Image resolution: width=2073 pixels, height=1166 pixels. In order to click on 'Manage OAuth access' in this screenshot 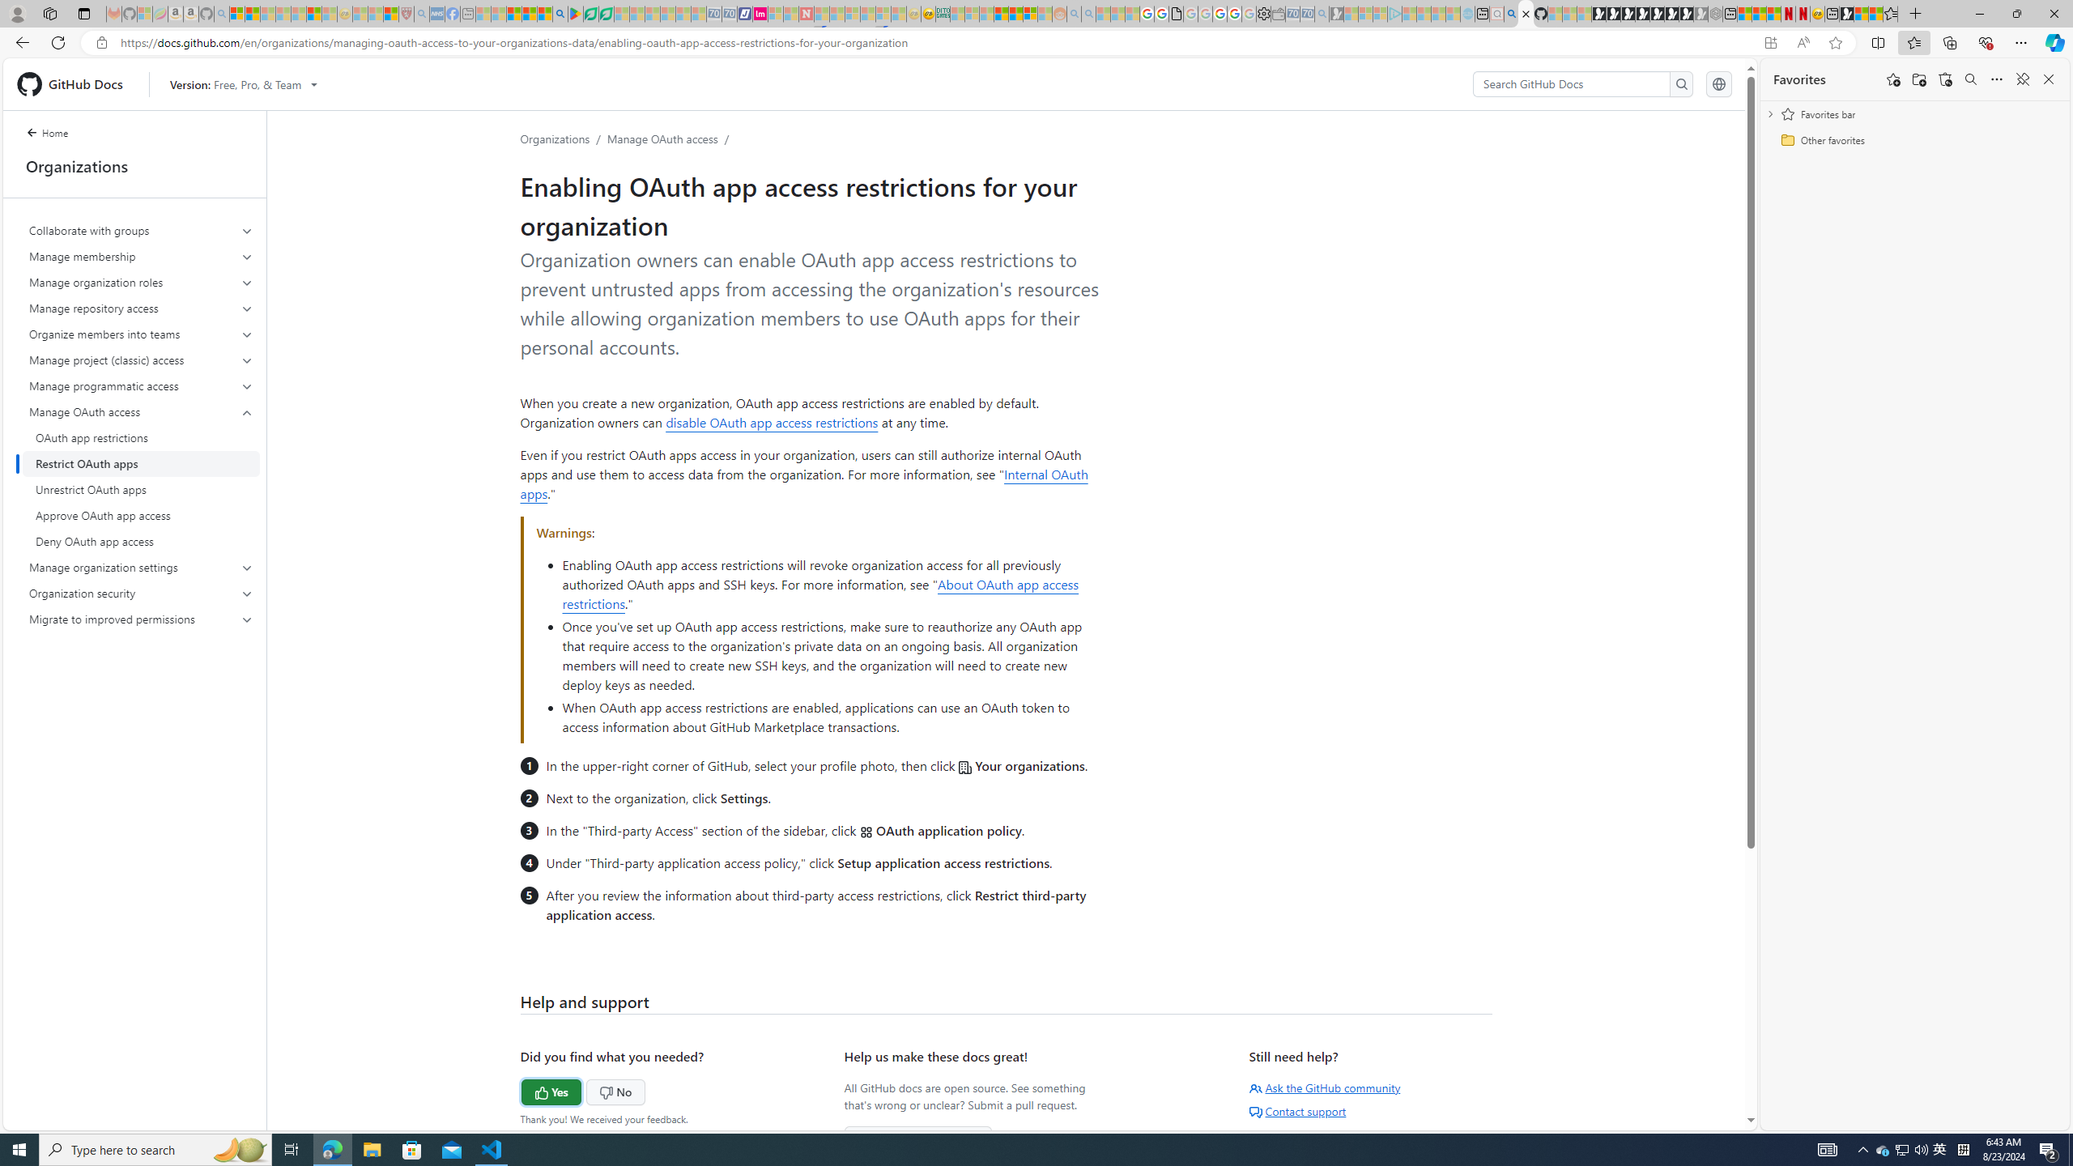, I will do `click(661, 138)`.